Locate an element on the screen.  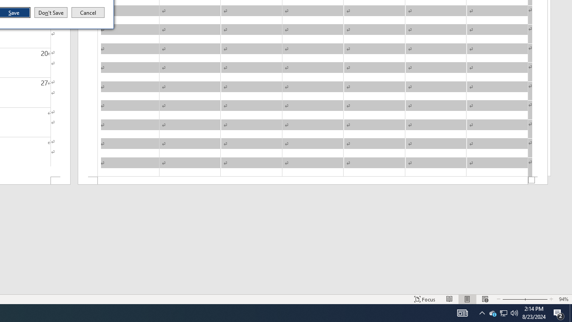
'Zoom Out' is located at coordinates (513, 299).